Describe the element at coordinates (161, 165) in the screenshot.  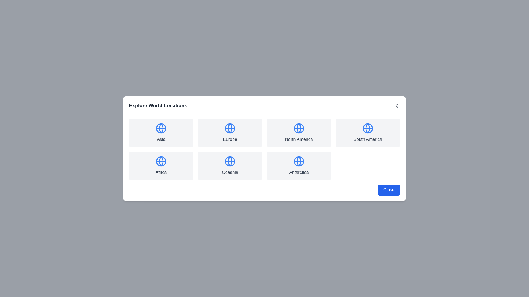
I see `the location Africa` at that location.